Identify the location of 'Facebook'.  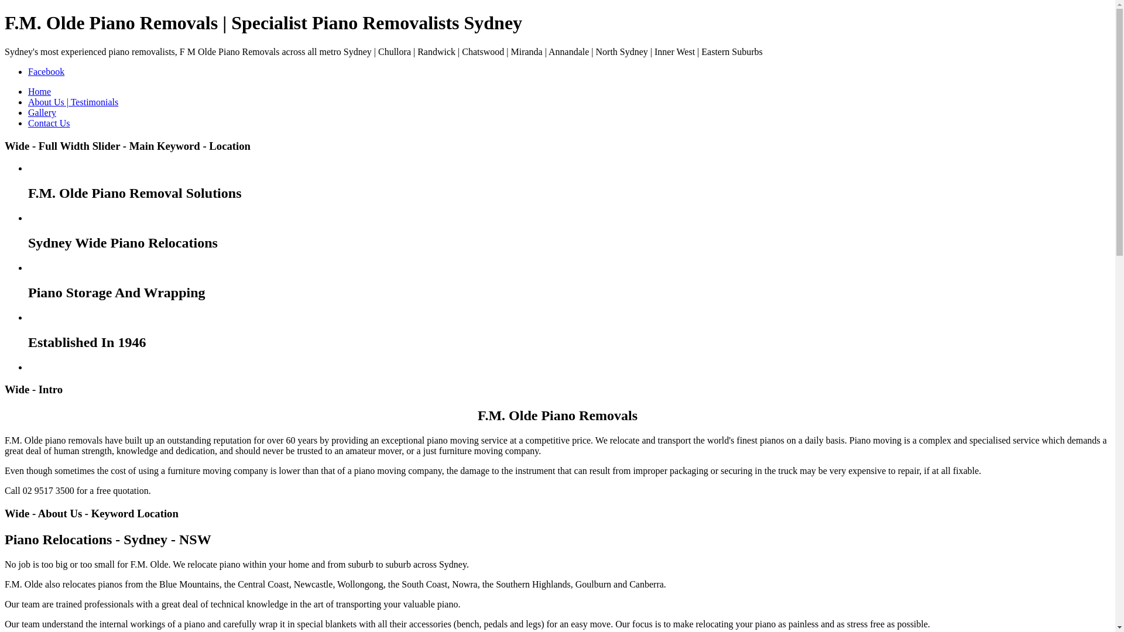
(28, 71).